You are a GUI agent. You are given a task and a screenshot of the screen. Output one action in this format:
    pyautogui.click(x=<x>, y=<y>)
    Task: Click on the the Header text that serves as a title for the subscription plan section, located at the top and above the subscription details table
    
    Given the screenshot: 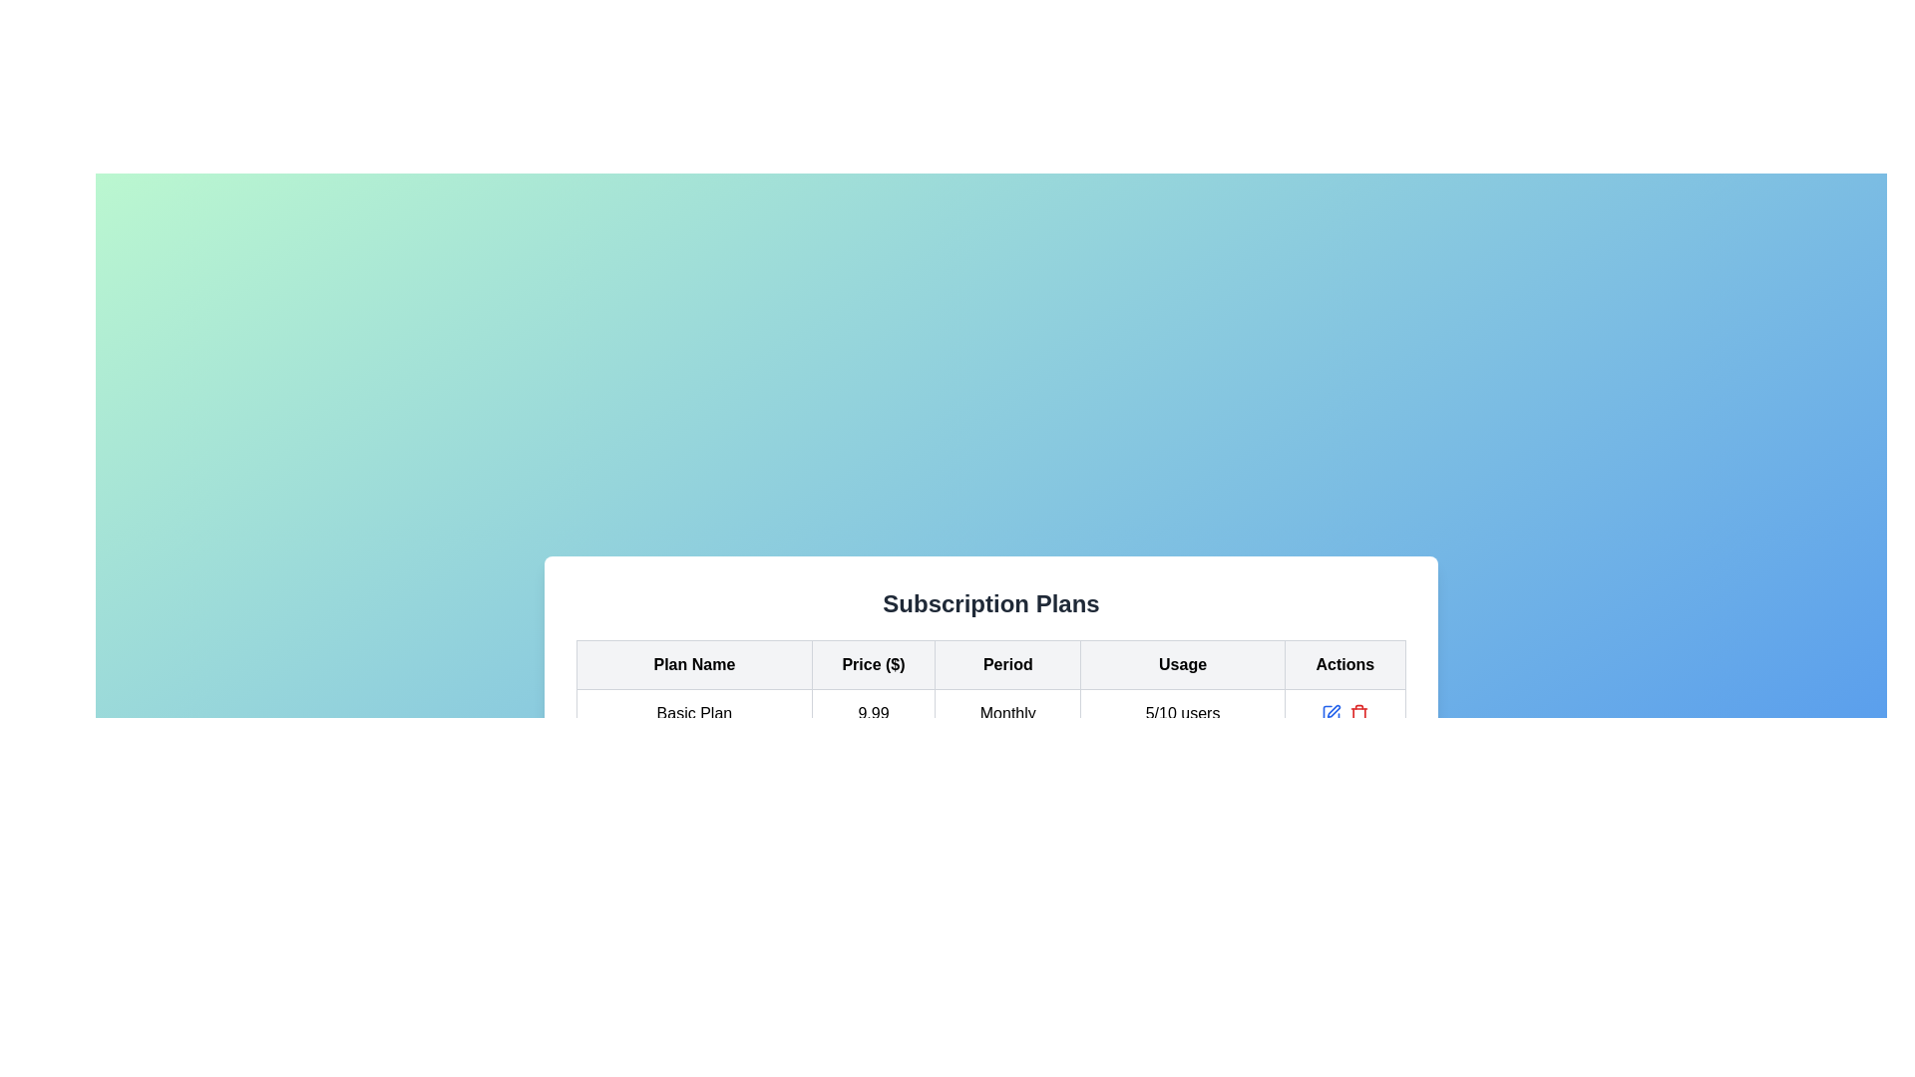 What is the action you would take?
    pyautogui.click(x=990, y=602)
    